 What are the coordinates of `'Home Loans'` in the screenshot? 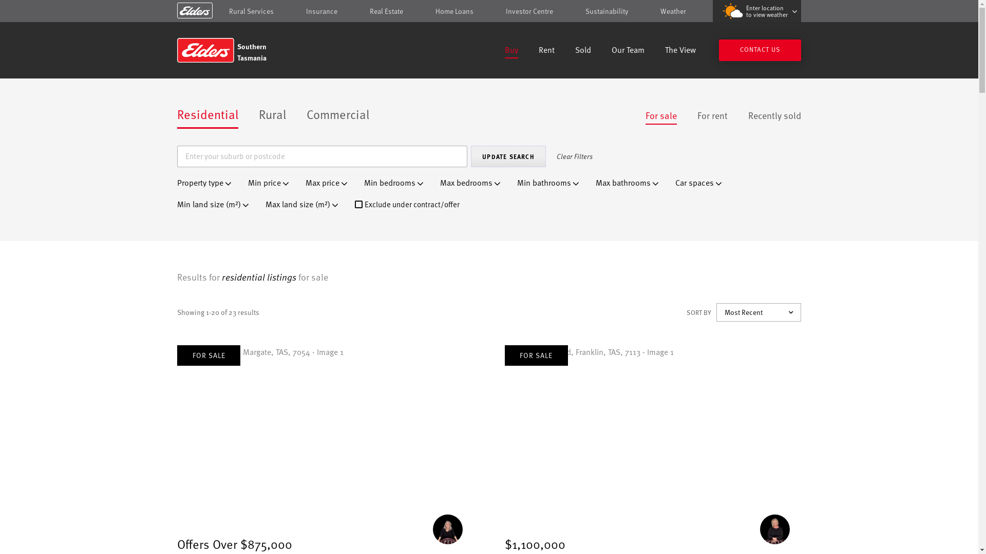 It's located at (453, 11).